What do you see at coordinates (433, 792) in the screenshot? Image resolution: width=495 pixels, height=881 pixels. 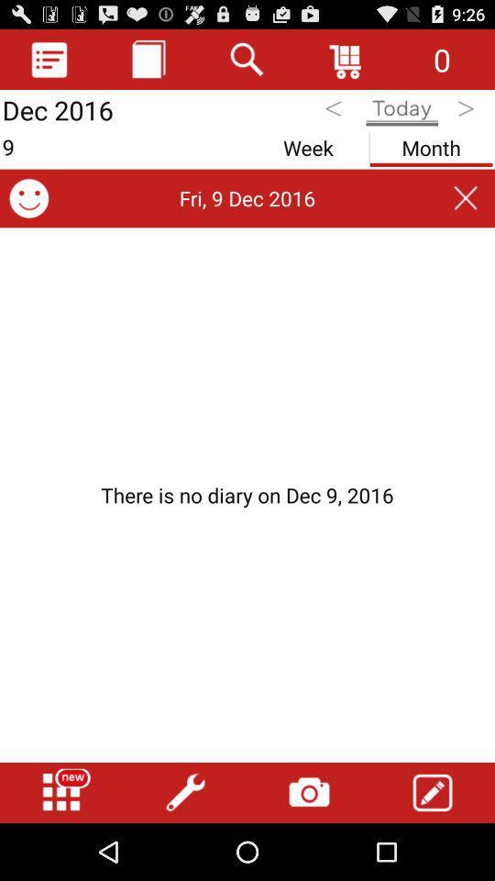 I see `icon at the bottom right corner` at bounding box center [433, 792].